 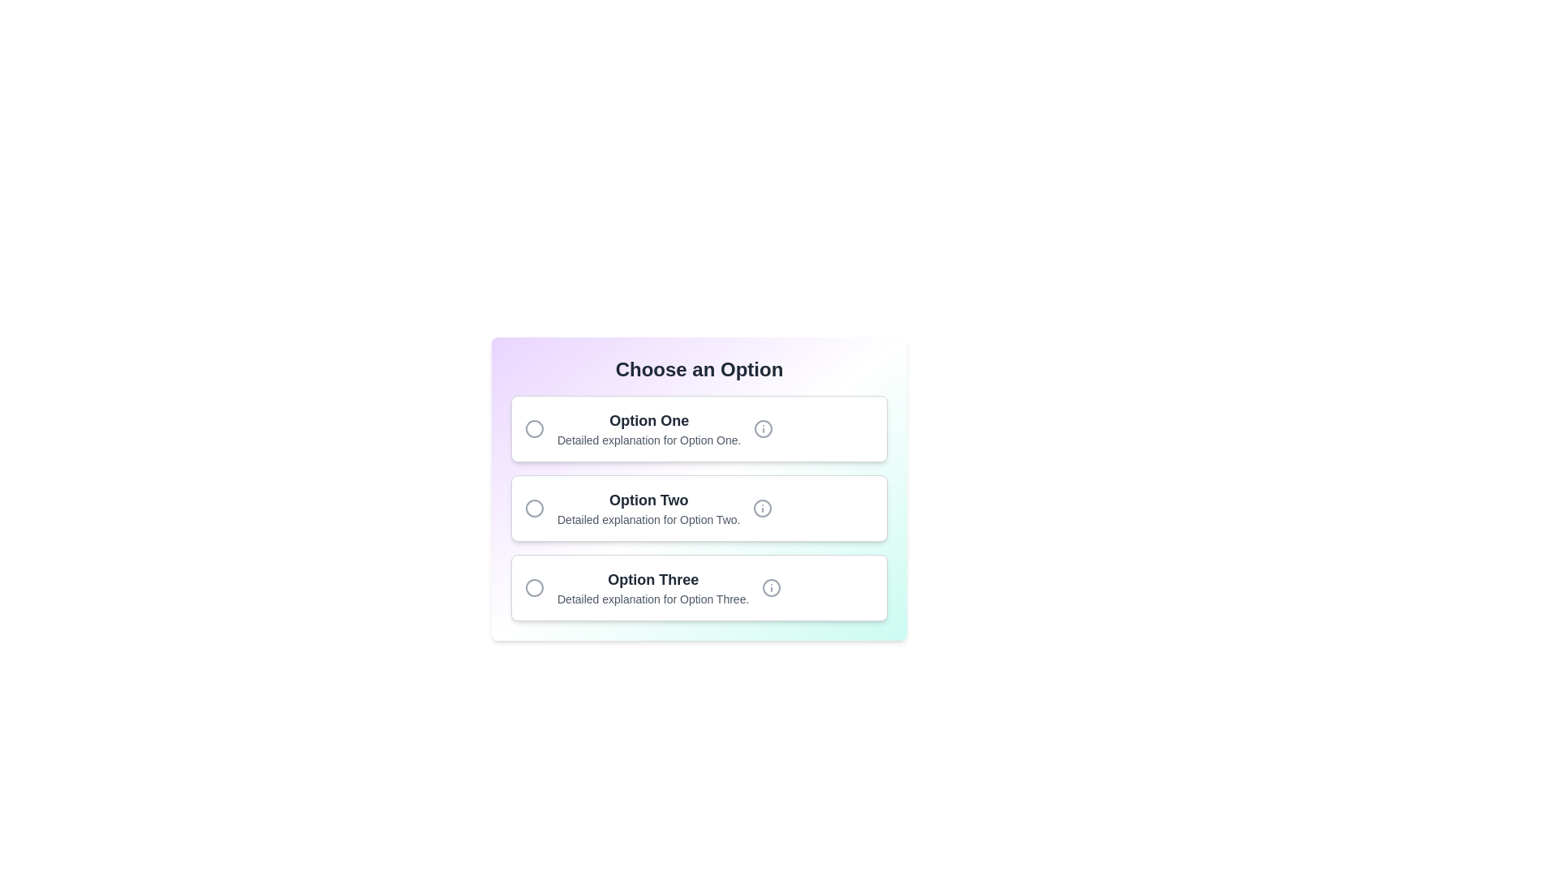 What do you see at coordinates (649, 420) in the screenshot?
I see `text from the Text Label that identifies 'Option One' in the vertically stacked list of options` at bounding box center [649, 420].